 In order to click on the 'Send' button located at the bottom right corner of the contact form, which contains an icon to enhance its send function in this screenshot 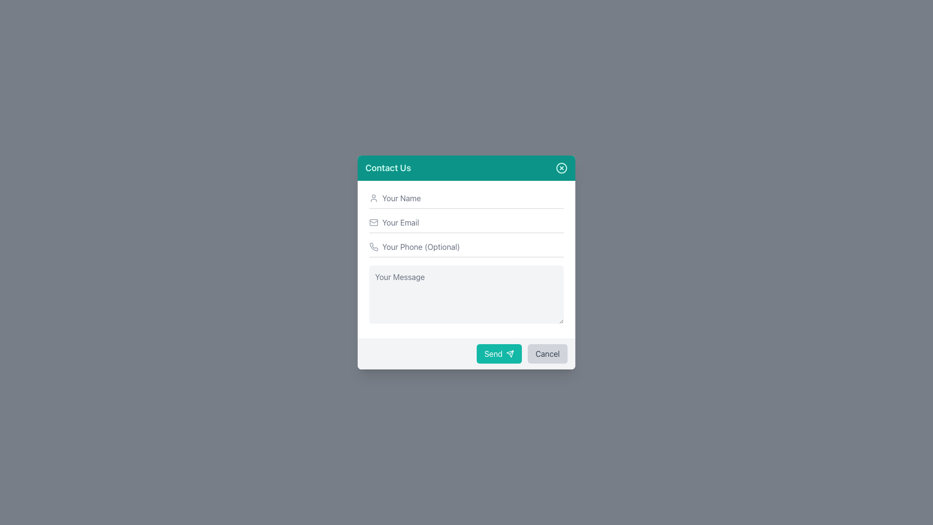, I will do `click(510, 353)`.